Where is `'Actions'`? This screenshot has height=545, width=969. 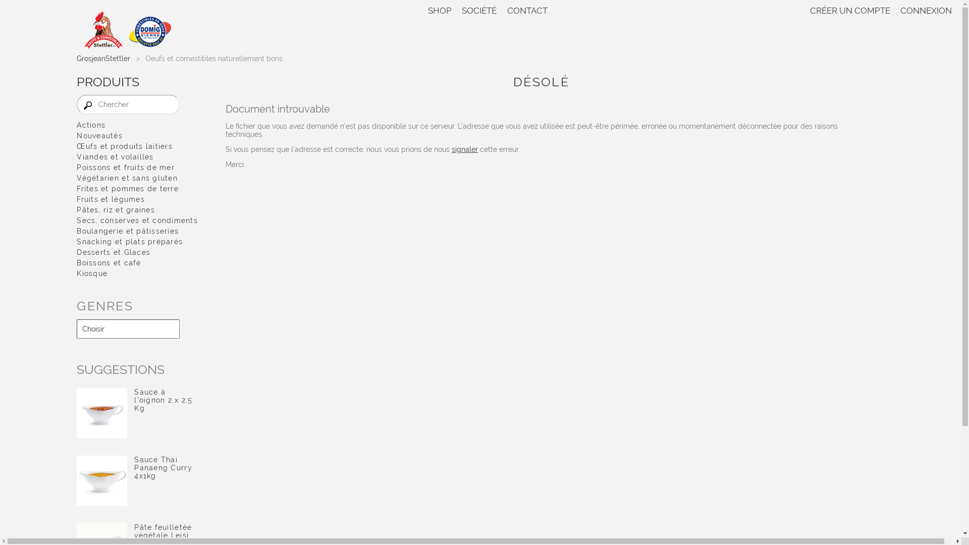
'Actions' is located at coordinates (137, 124).